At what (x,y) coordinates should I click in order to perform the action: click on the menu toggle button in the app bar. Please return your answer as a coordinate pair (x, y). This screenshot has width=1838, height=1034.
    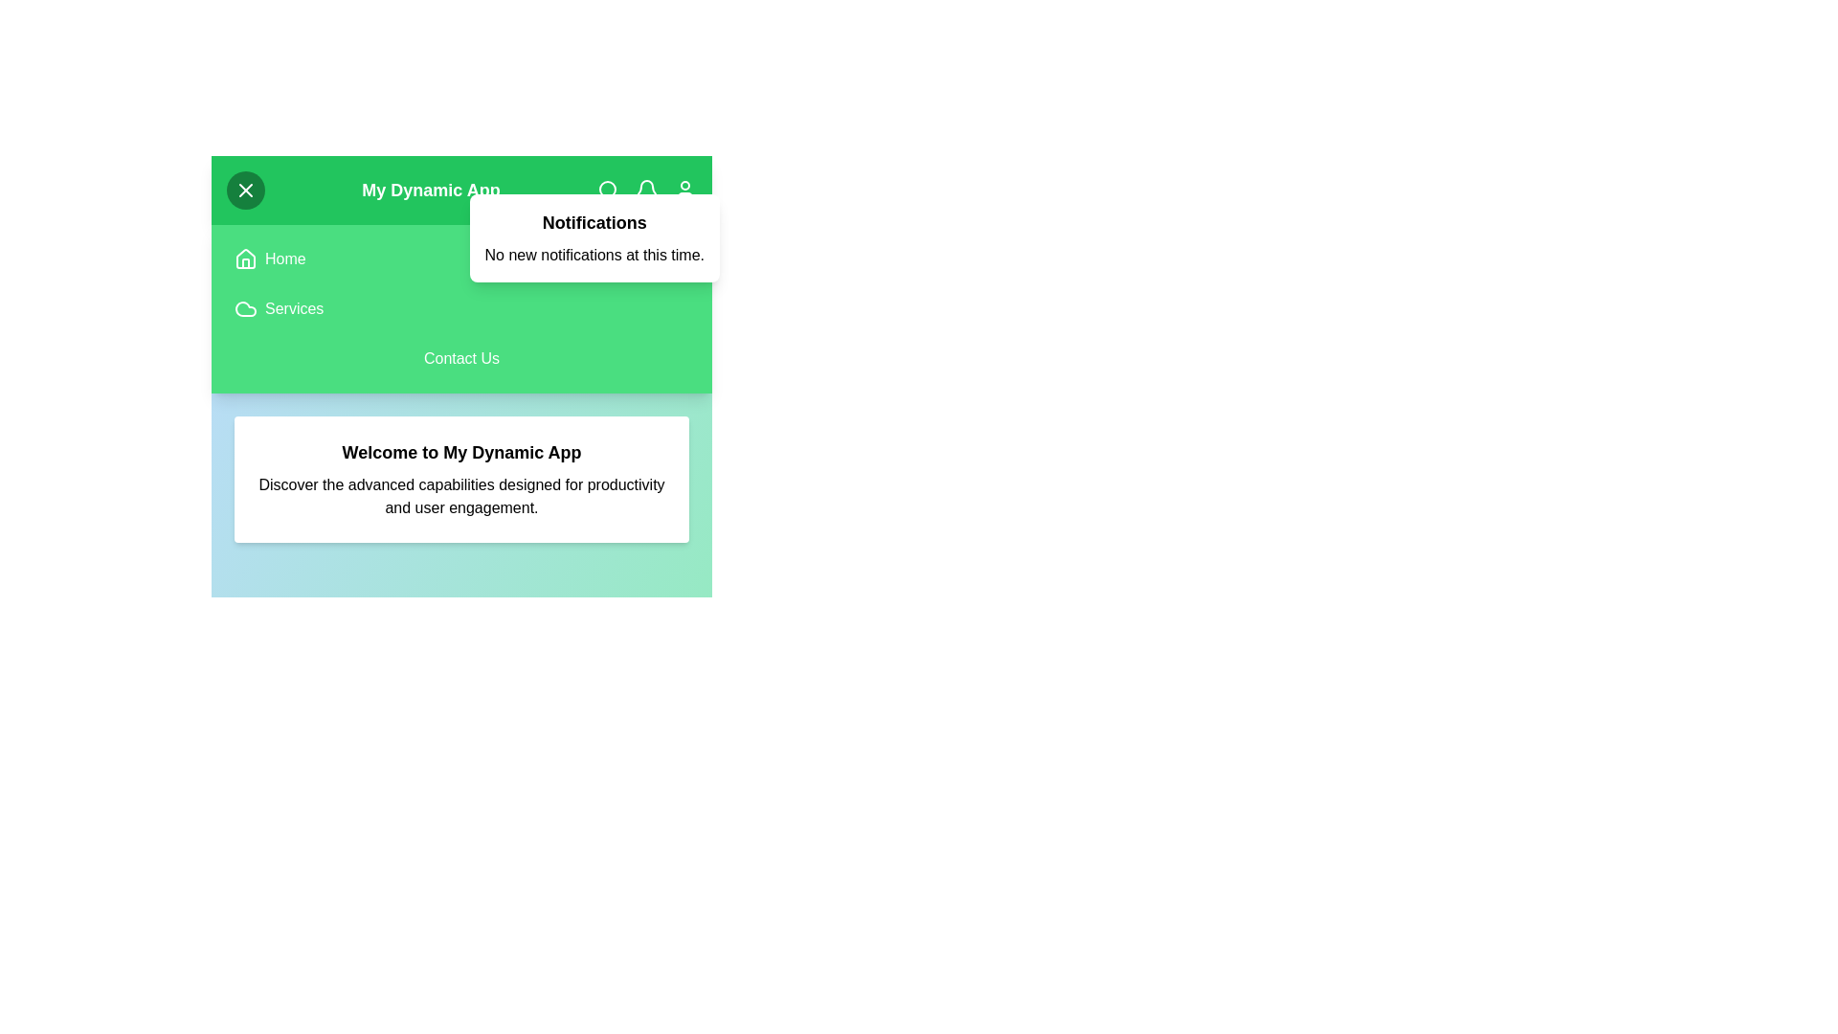
    Looking at the image, I should click on (245, 191).